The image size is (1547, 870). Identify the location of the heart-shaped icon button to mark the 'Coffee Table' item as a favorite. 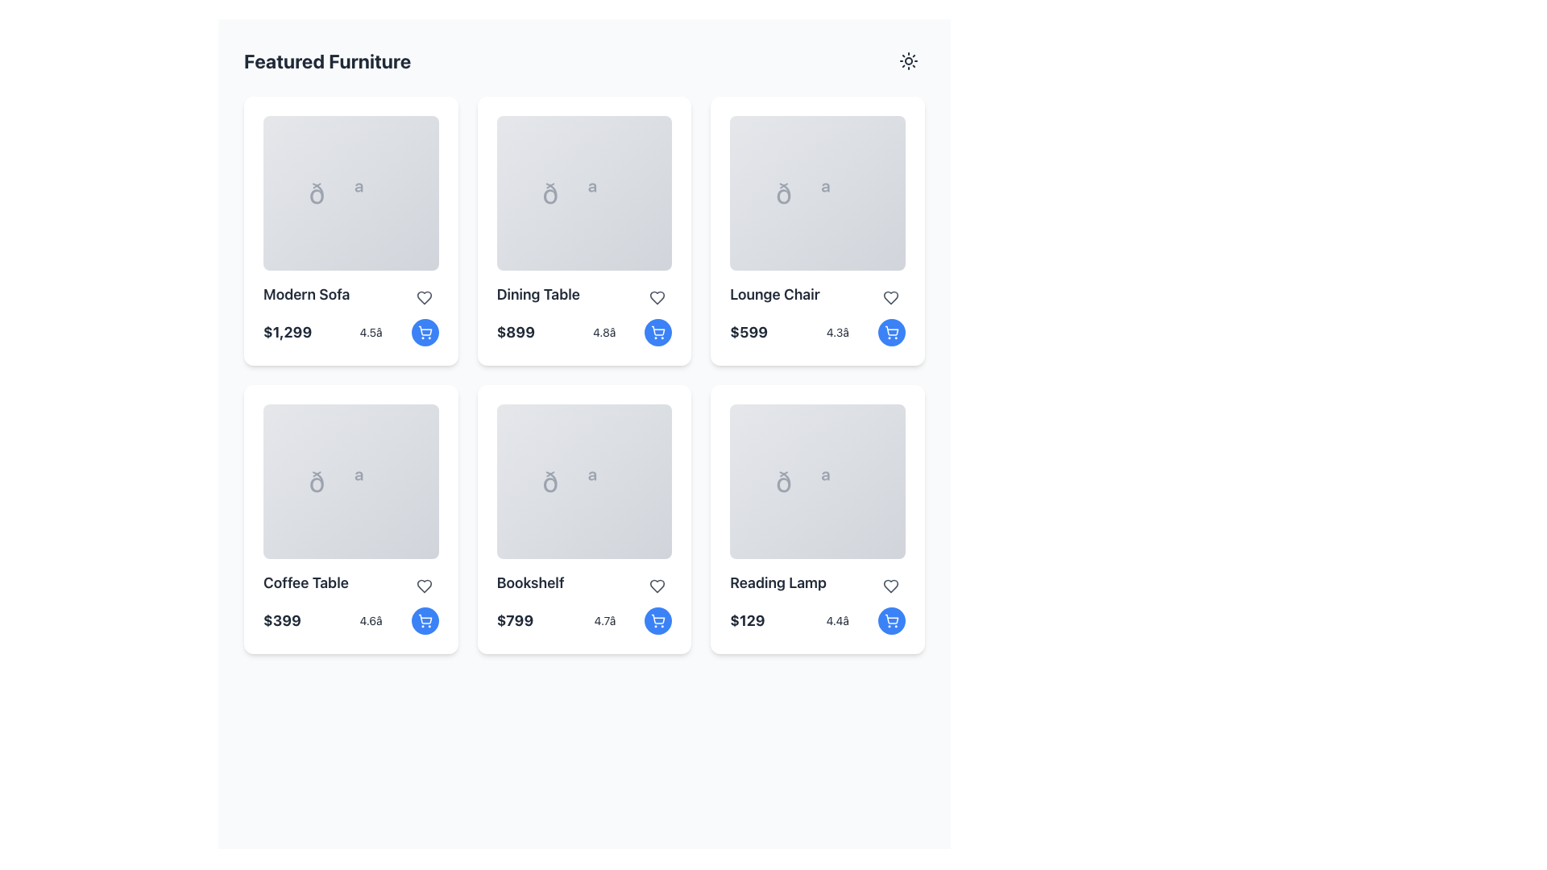
(424, 586).